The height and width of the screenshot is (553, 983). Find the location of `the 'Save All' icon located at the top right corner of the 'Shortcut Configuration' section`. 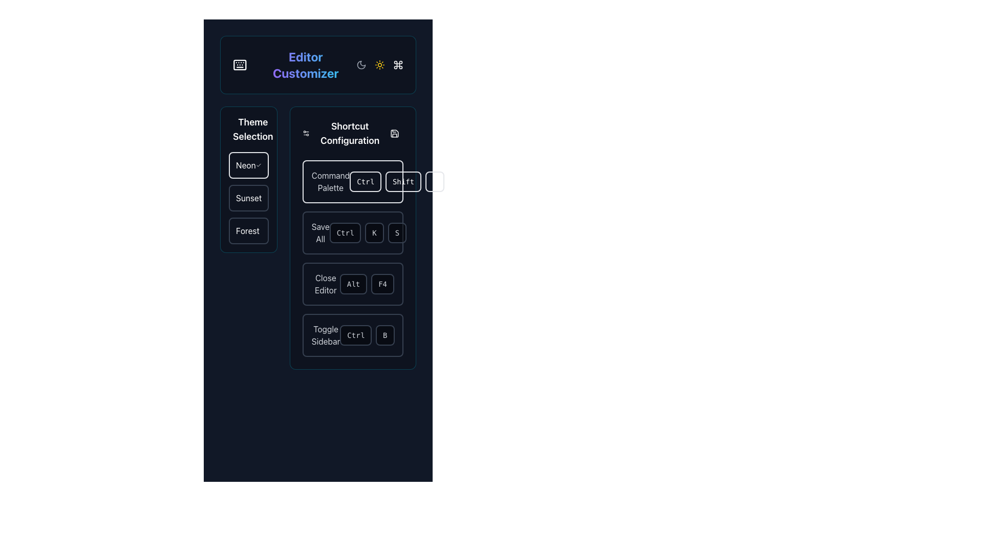

the 'Save All' icon located at the top right corner of the 'Shortcut Configuration' section is located at coordinates (394, 133).